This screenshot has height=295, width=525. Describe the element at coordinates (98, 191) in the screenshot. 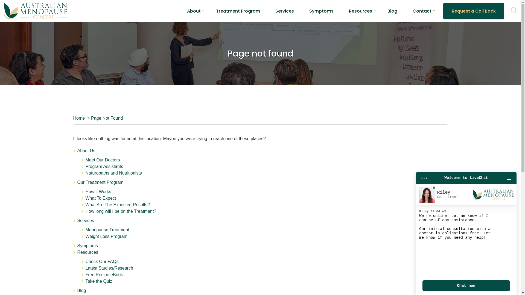

I see `'How it Works'` at that location.